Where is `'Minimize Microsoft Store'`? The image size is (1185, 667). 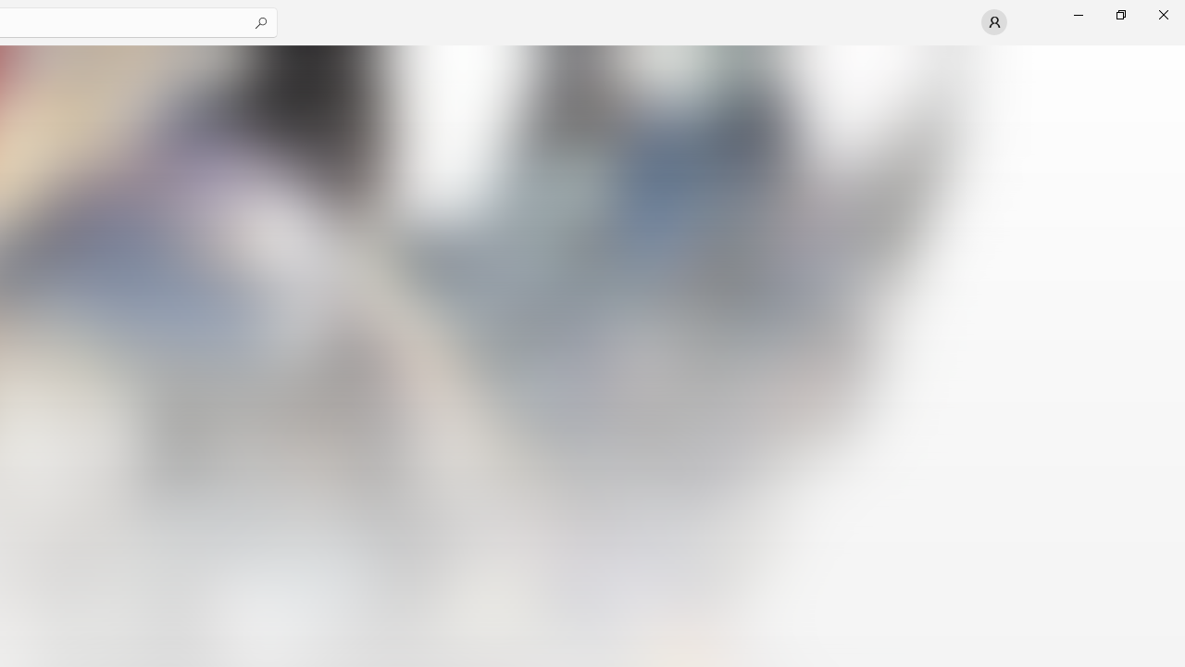 'Minimize Microsoft Store' is located at coordinates (1078, 14).